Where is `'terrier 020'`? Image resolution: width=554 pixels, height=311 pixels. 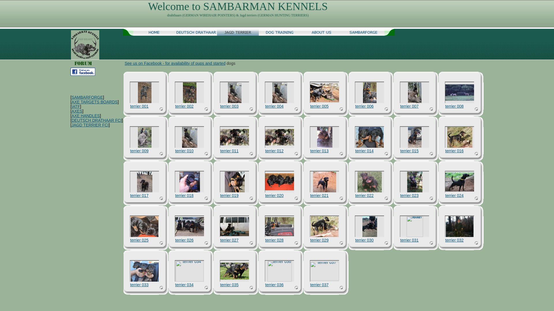 'terrier 020' is located at coordinates (274, 195).